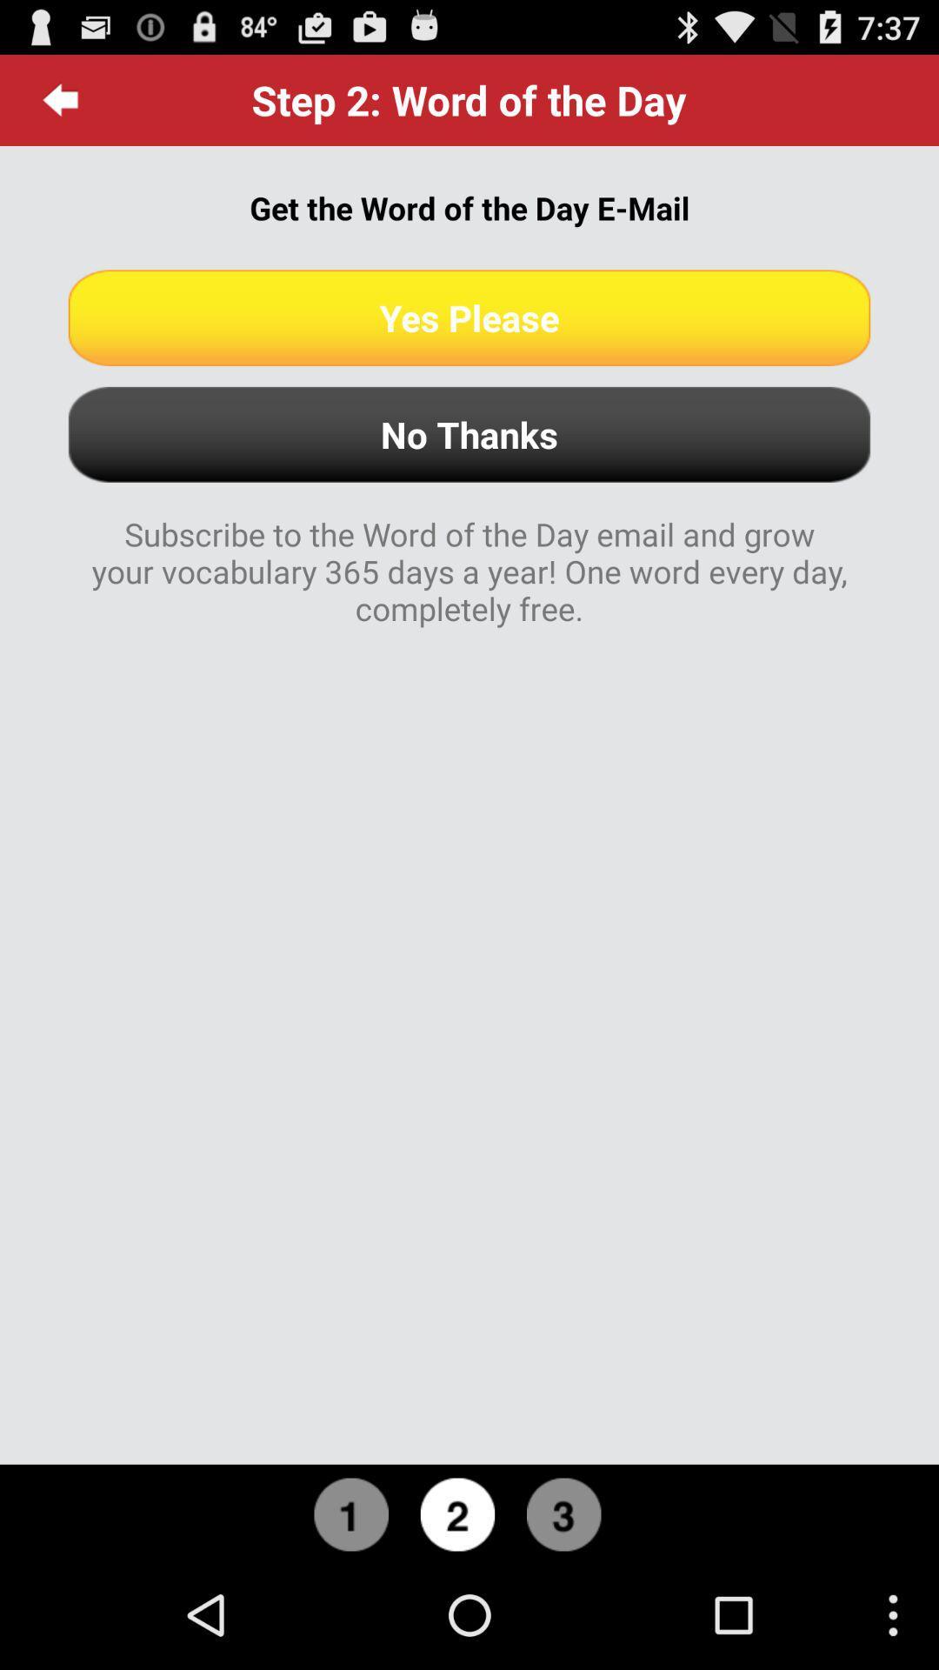 The height and width of the screenshot is (1670, 939). Describe the element at coordinates (60, 99) in the screenshot. I see `icon at the top left corner` at that location.